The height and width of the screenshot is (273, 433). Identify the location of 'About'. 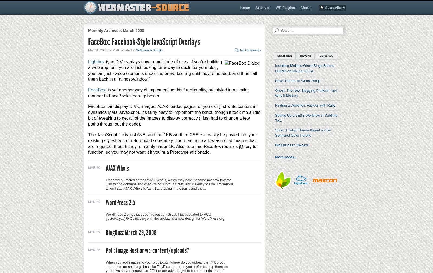
(305, 7).